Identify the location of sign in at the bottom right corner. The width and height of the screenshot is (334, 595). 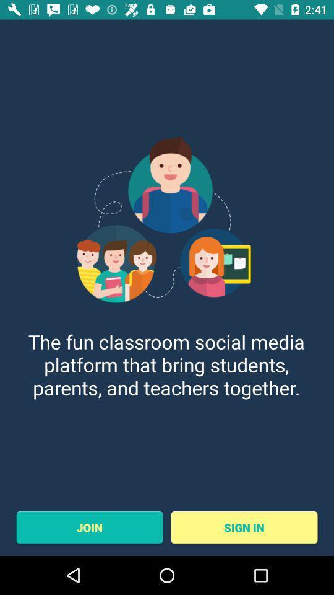
(244, 527).